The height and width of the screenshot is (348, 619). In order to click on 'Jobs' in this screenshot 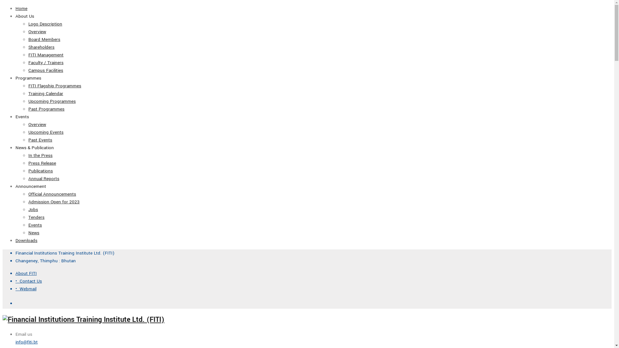, I will do `click(33, 209)`.